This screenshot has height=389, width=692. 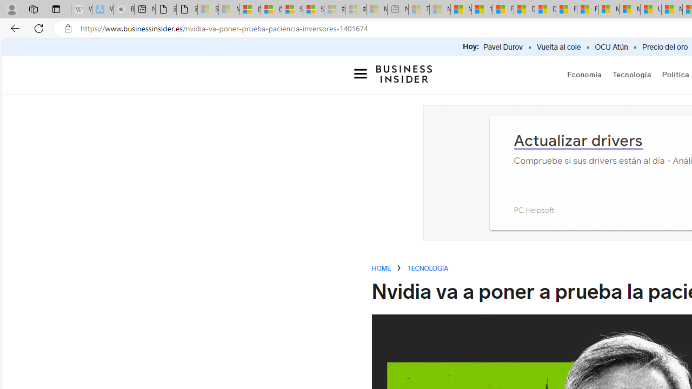 What do you see at coordinates (124, 9) in the screenshot?
I see `'Buy iPad - Apple - Sleeping'` at bounding box center [124, 9].